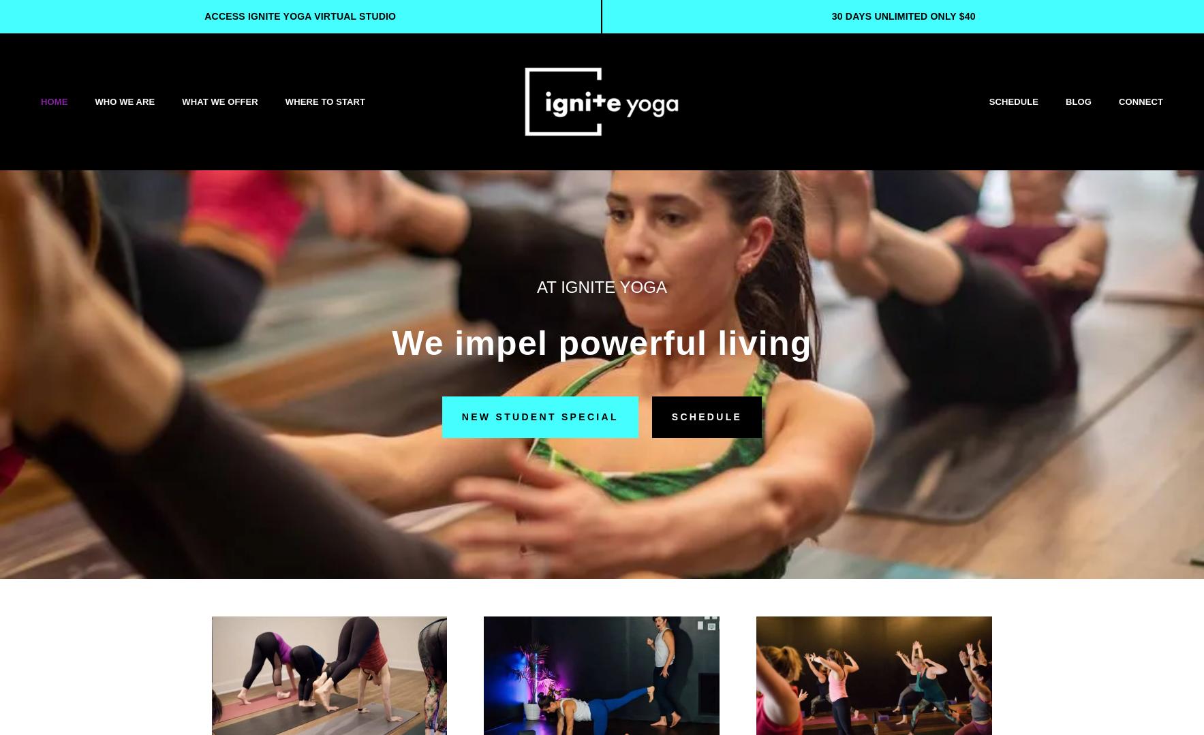  What do you see at coordinates (460, 417) in the screenshot?
I see `'New Student Special'` at bounding box center [460, 417].